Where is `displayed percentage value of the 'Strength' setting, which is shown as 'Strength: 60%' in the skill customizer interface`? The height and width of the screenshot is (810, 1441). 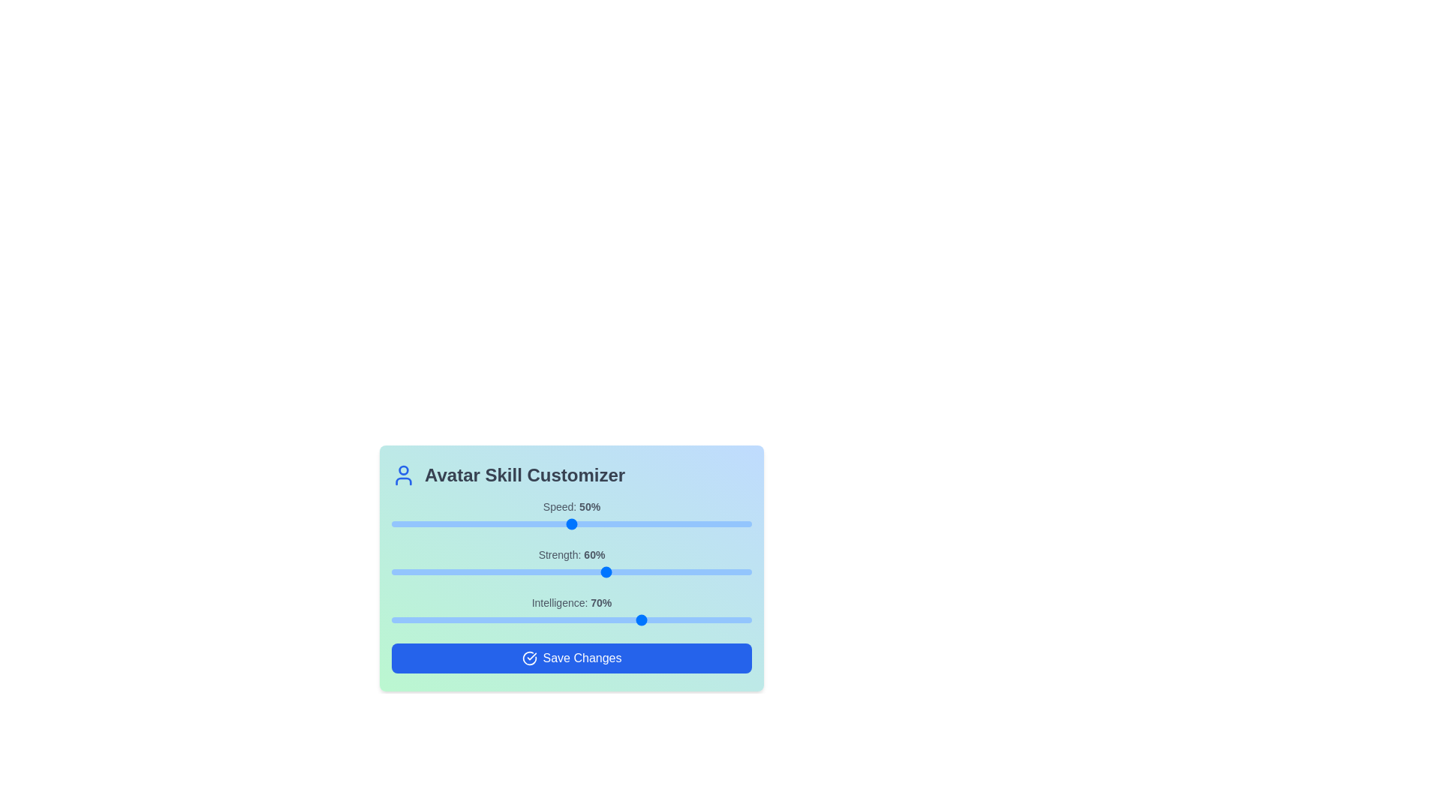
displayed percentage value of the 'Strength' setting, which is shown as 'Strength: 60%' in the skill customizer interface is located at coordinates (594, 555).